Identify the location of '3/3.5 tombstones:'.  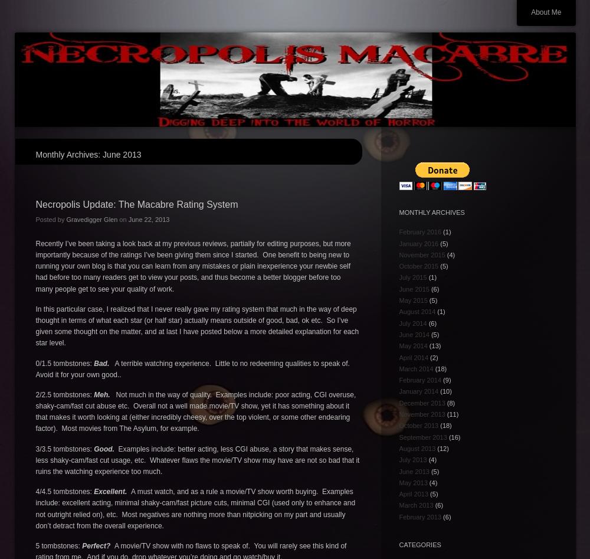
(64, 448).